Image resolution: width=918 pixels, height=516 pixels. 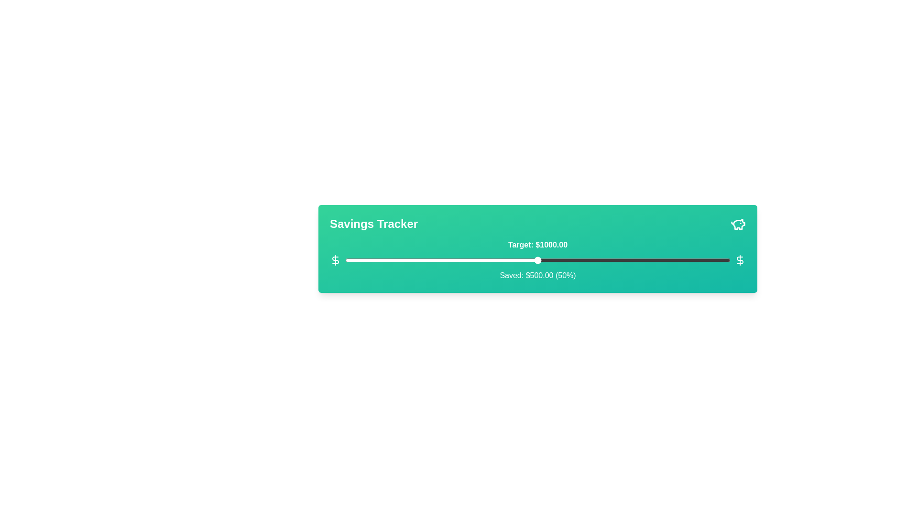 What do you see at coordinates (537, 248) in the screenshot?
I see `the savings tracker module with a gradient background that displays target and saved amounts, includes a progress bar and a piggy bank icon on the right` at bounding box center [537, 248].